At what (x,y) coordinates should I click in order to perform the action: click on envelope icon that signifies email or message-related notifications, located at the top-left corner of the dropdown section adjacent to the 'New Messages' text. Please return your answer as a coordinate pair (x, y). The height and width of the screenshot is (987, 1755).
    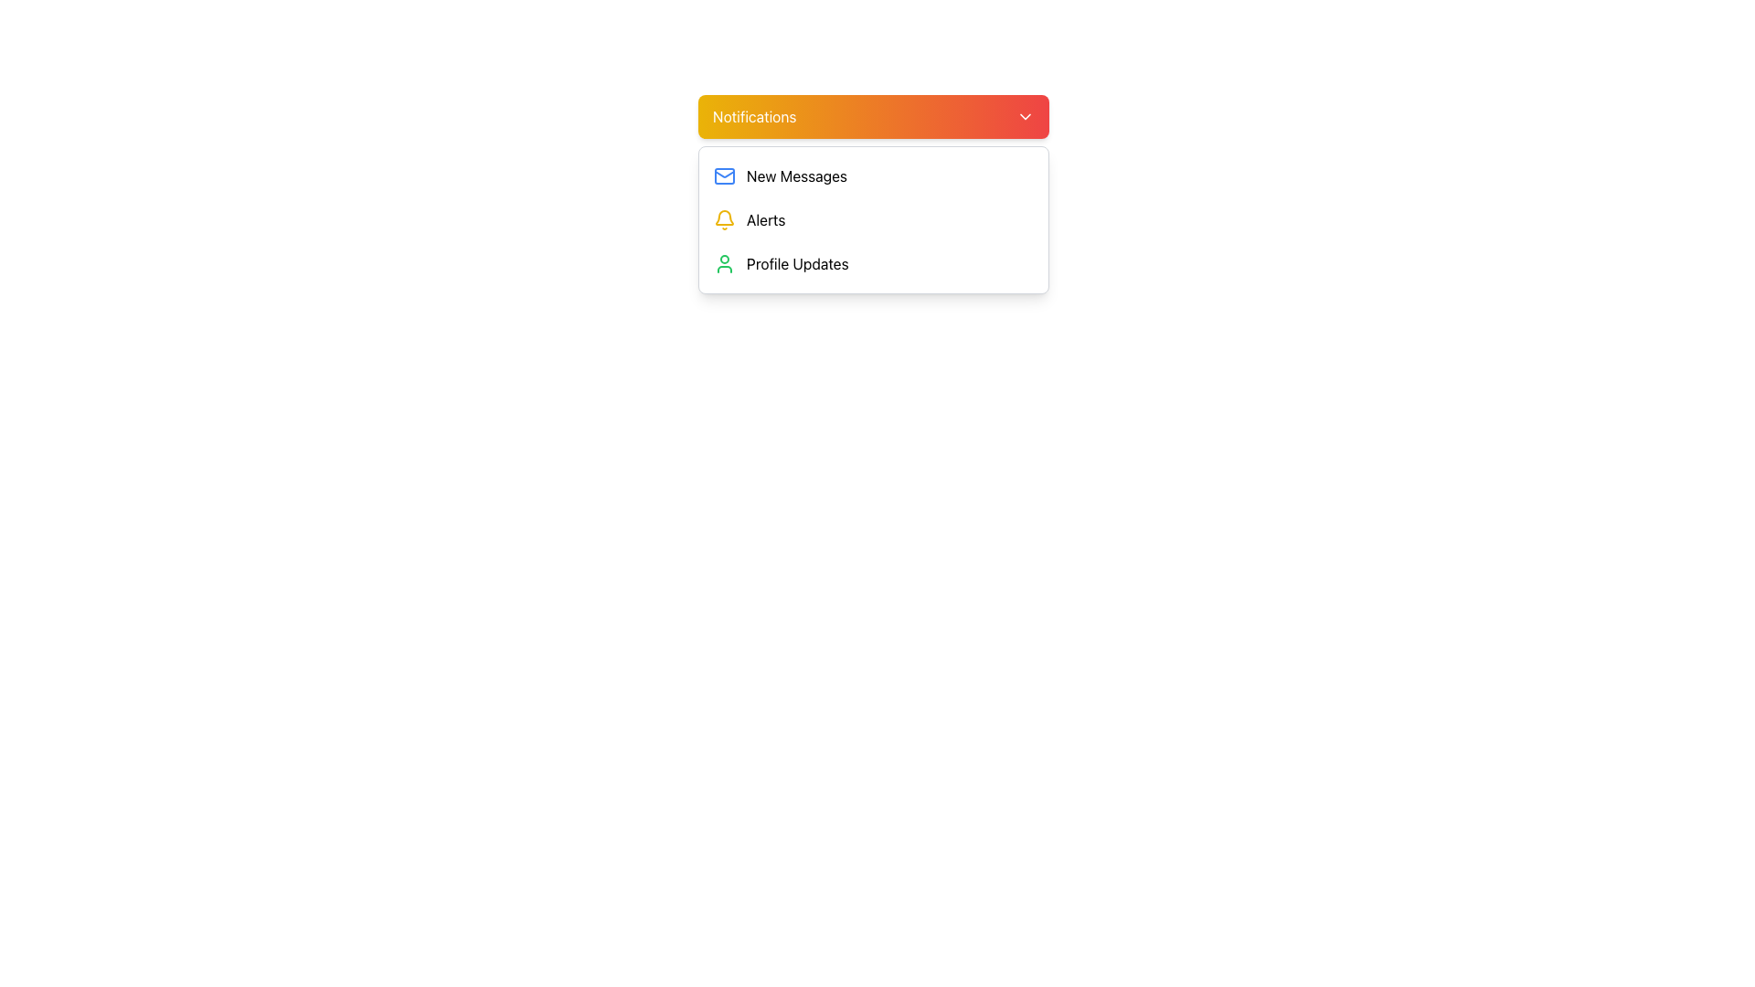
    Looking at the image, I should click on (723, 175).